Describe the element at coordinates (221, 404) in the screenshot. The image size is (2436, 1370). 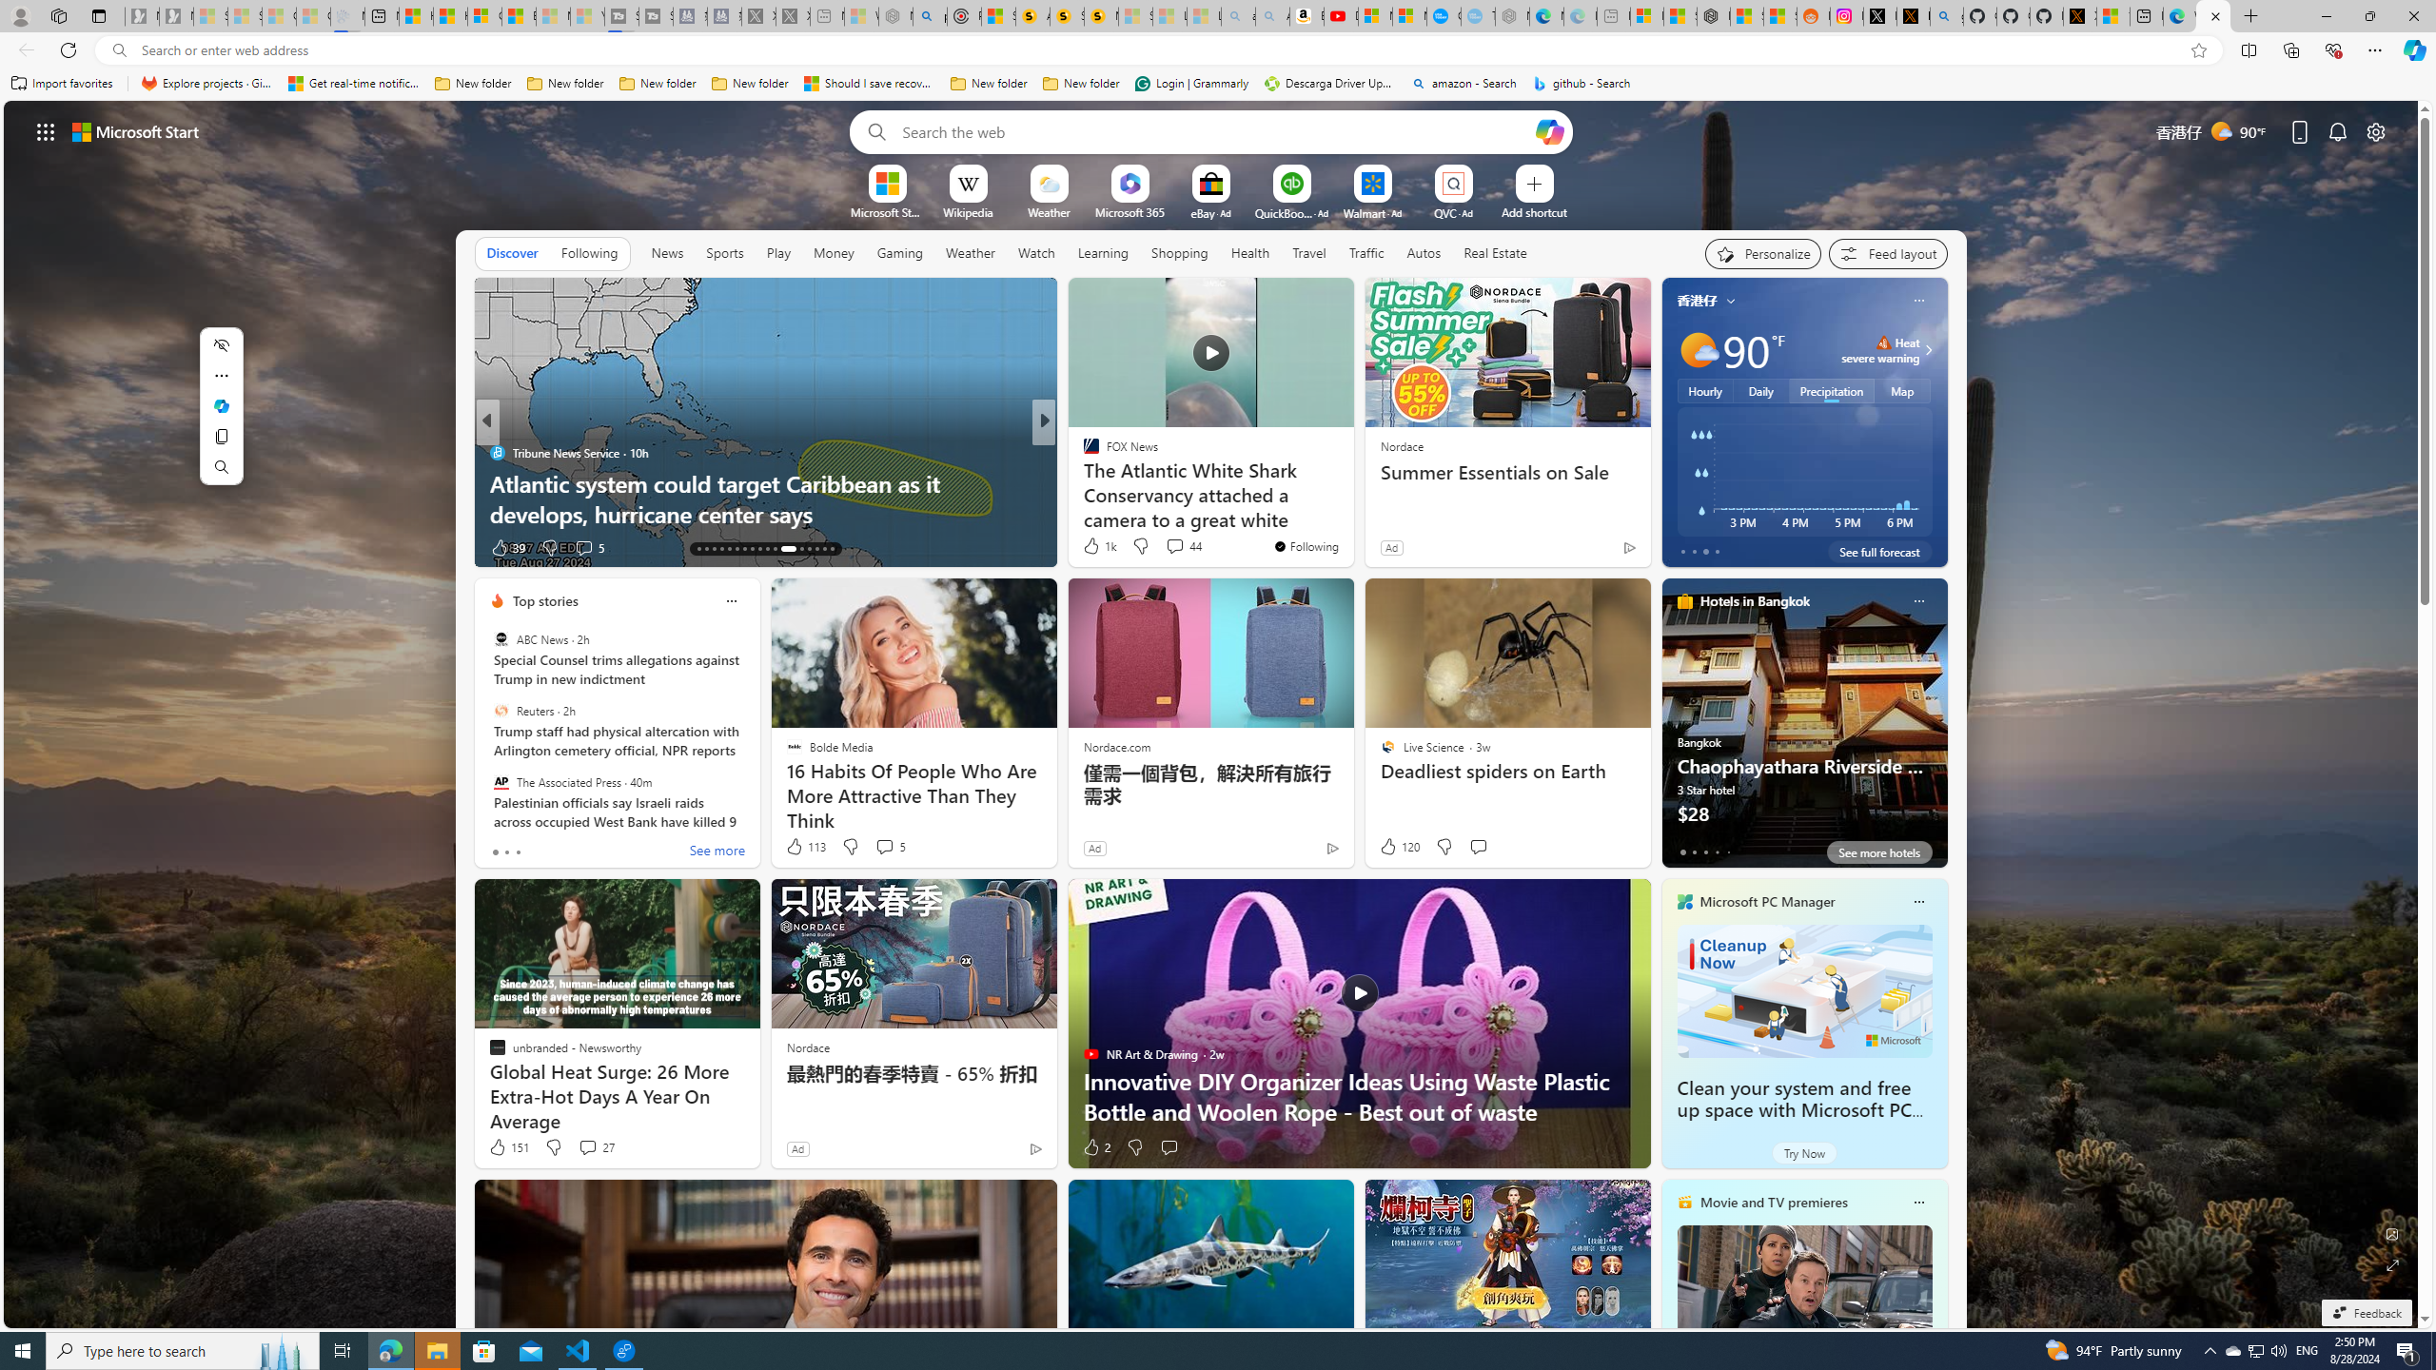
I see `'Mini menu on text selection'` at that location.